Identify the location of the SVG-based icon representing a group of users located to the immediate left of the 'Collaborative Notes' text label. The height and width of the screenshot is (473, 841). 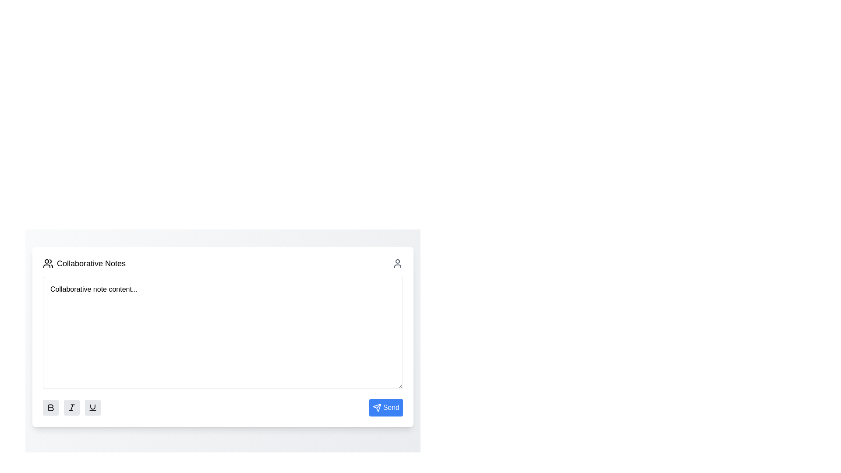
(48, 263).